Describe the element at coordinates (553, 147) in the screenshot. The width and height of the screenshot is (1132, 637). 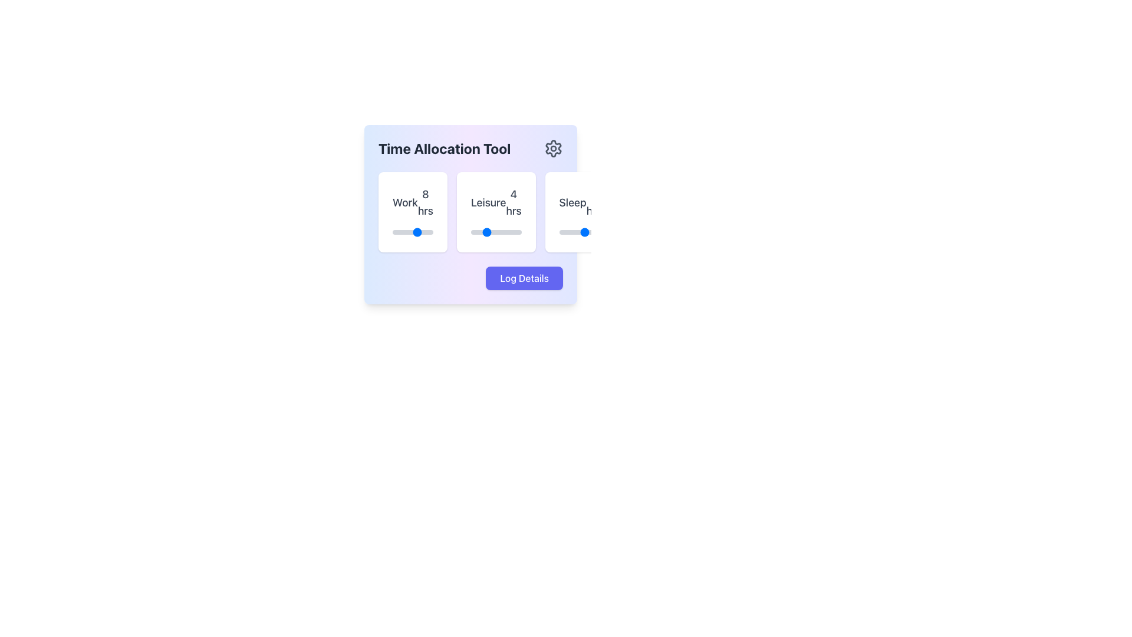
I see `the settings cogwheel icon located in the top-right corner of the 'Time Allocation Tool' header` at that location.